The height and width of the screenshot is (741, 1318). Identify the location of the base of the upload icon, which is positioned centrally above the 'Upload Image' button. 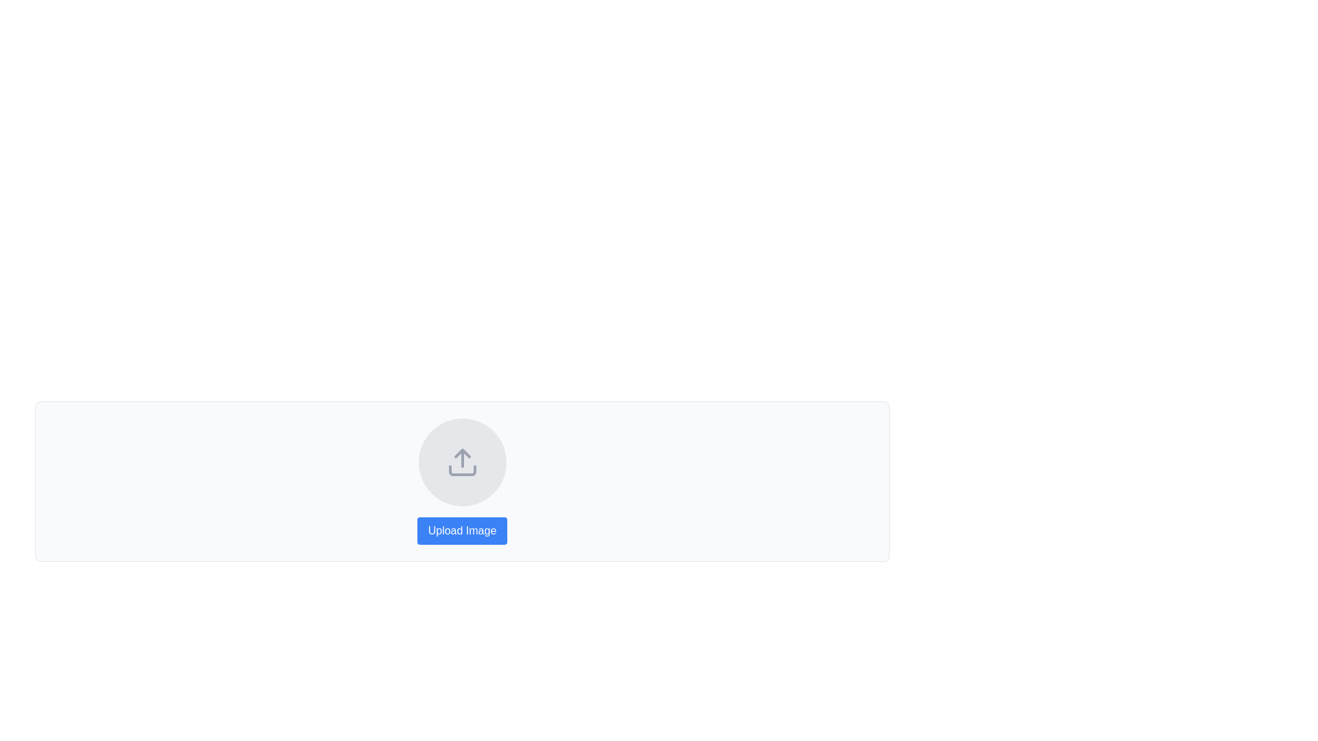
(462, 470).